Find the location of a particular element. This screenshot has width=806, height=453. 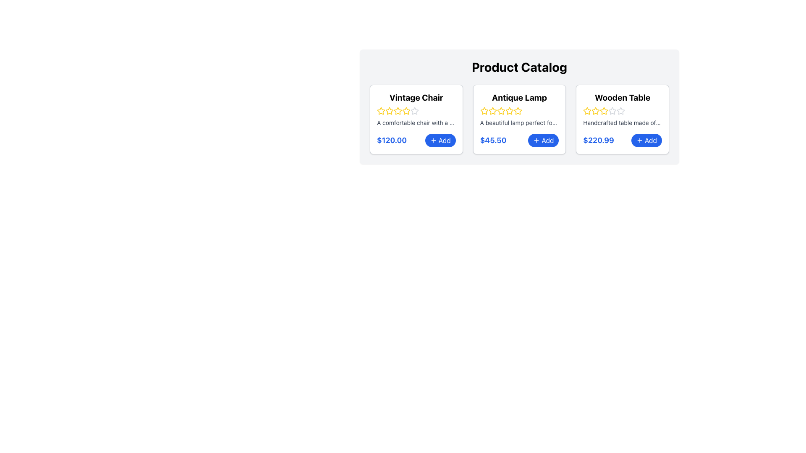

the second star in the 5-star rating system for the 'Antique Lamp' product is located at coordinates (501, 110).